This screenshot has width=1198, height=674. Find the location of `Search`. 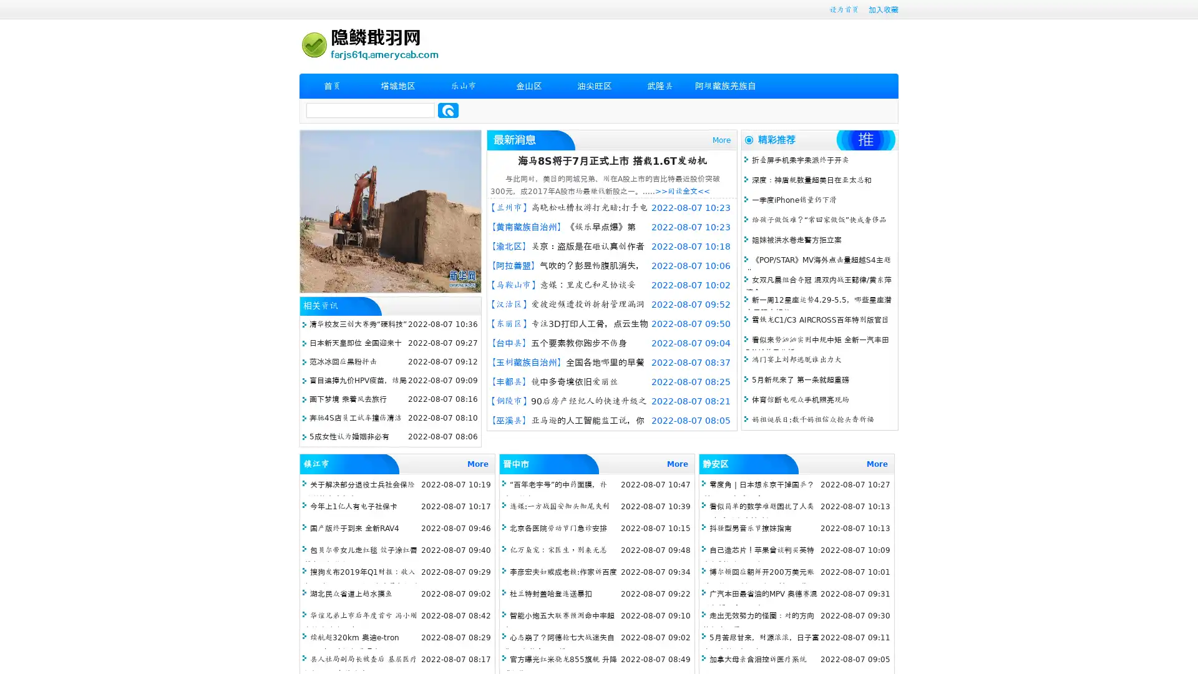

Search is located at coordinates (448, 110).